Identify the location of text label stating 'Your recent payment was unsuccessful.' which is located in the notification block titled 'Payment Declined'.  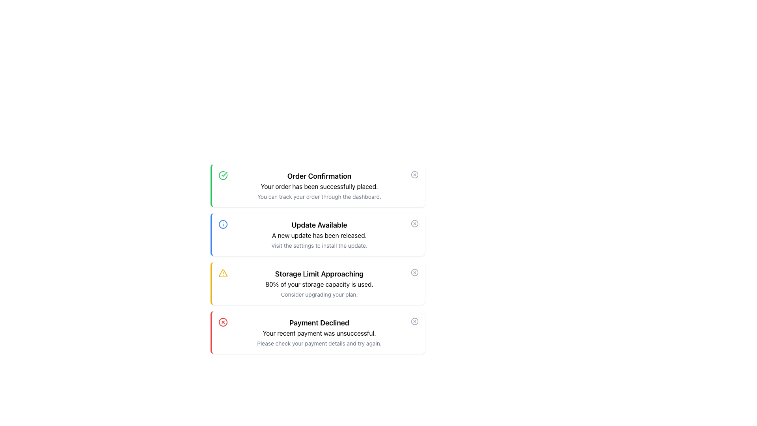
(319, 333).